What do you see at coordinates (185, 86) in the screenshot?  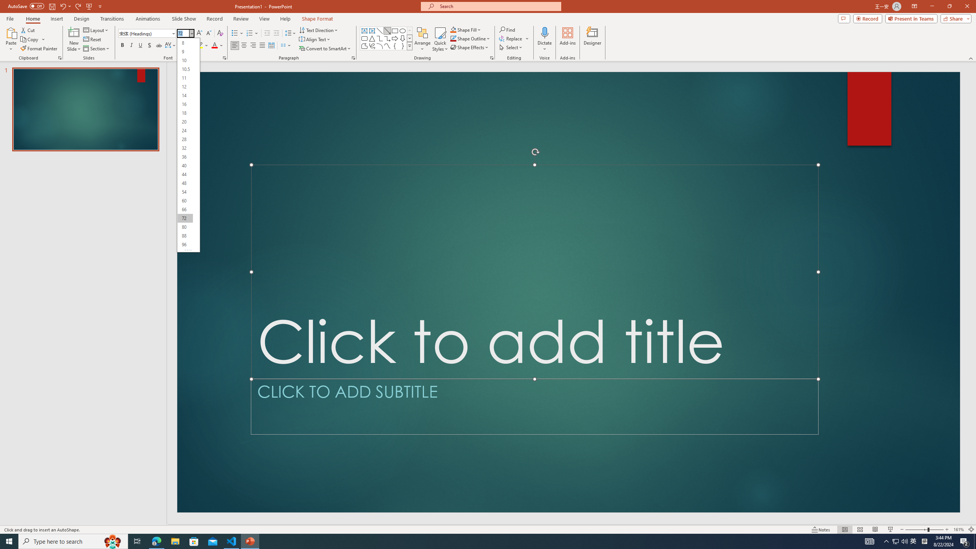 I see `'12'` at bounding box center [185, 86].